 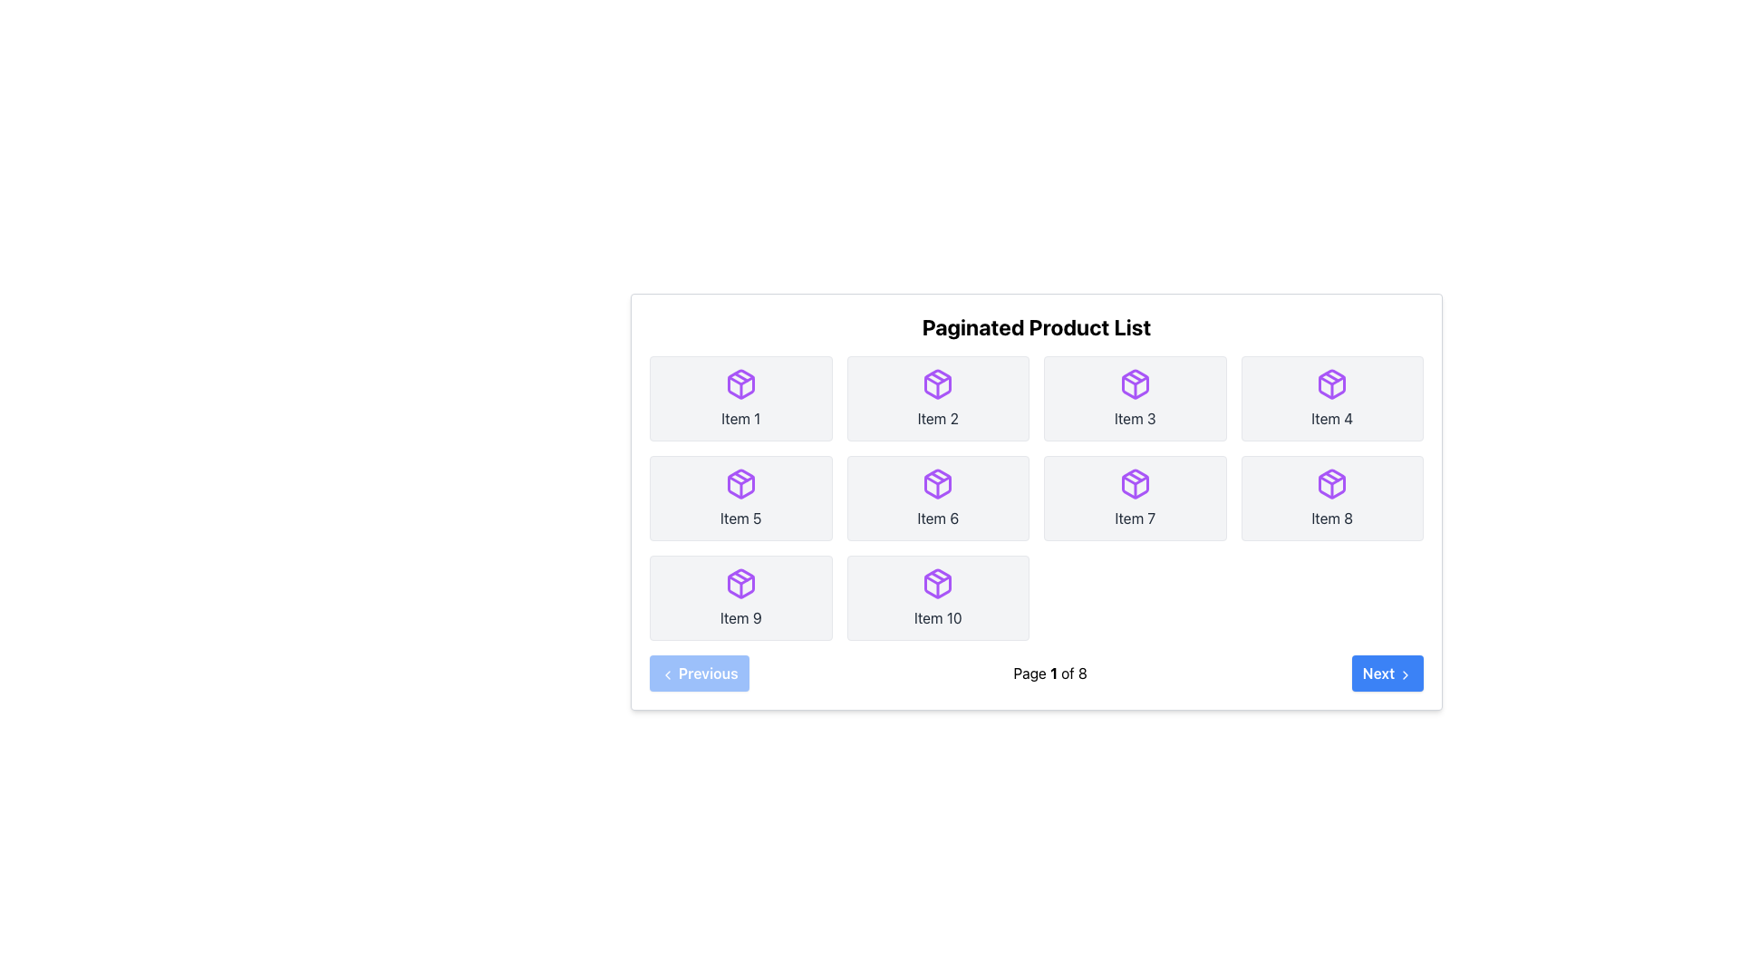 I want to click on the static text label that displays 'Item 8' located in the rightmost column of the second row in a grid layout, so click(x=1332, y=518).